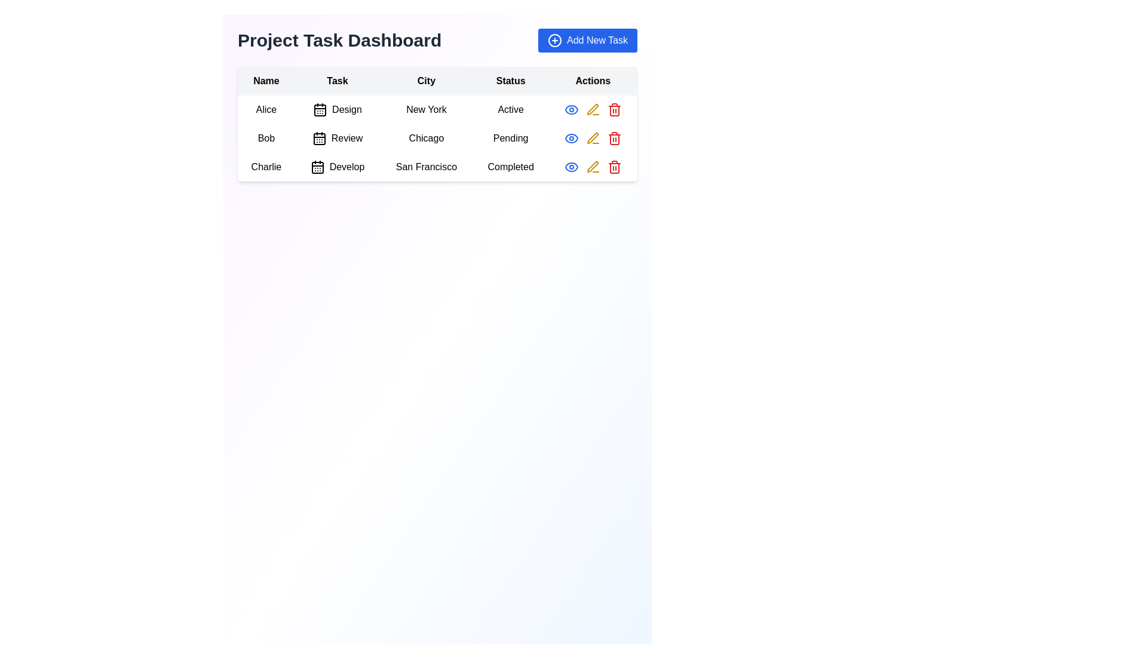  I want to click on the 'Edit' icon button, which is the second icon in the horizontal action bar under the 'Actions' column of the third row in the table, so click(593, 110).